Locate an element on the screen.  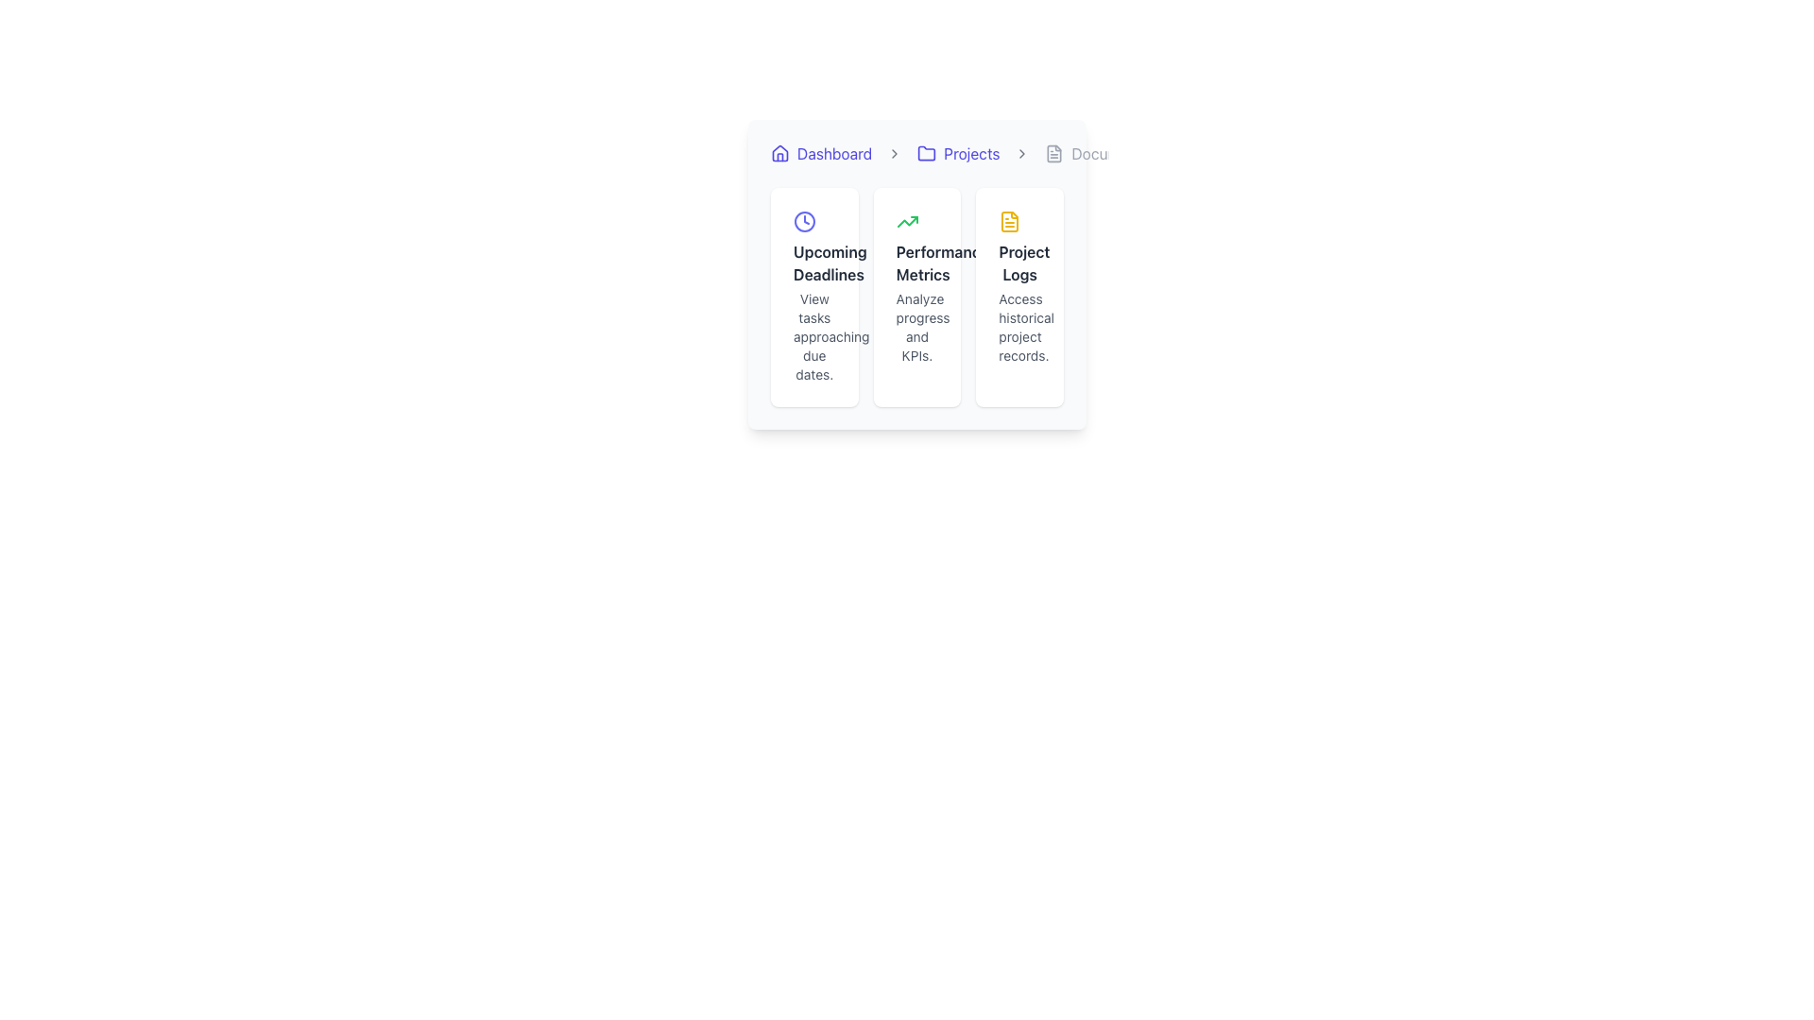
the 'Project Logs' icon located at the top of the rightmost card in a horizontal layout of three cards is located at coordinates (1009, 221).